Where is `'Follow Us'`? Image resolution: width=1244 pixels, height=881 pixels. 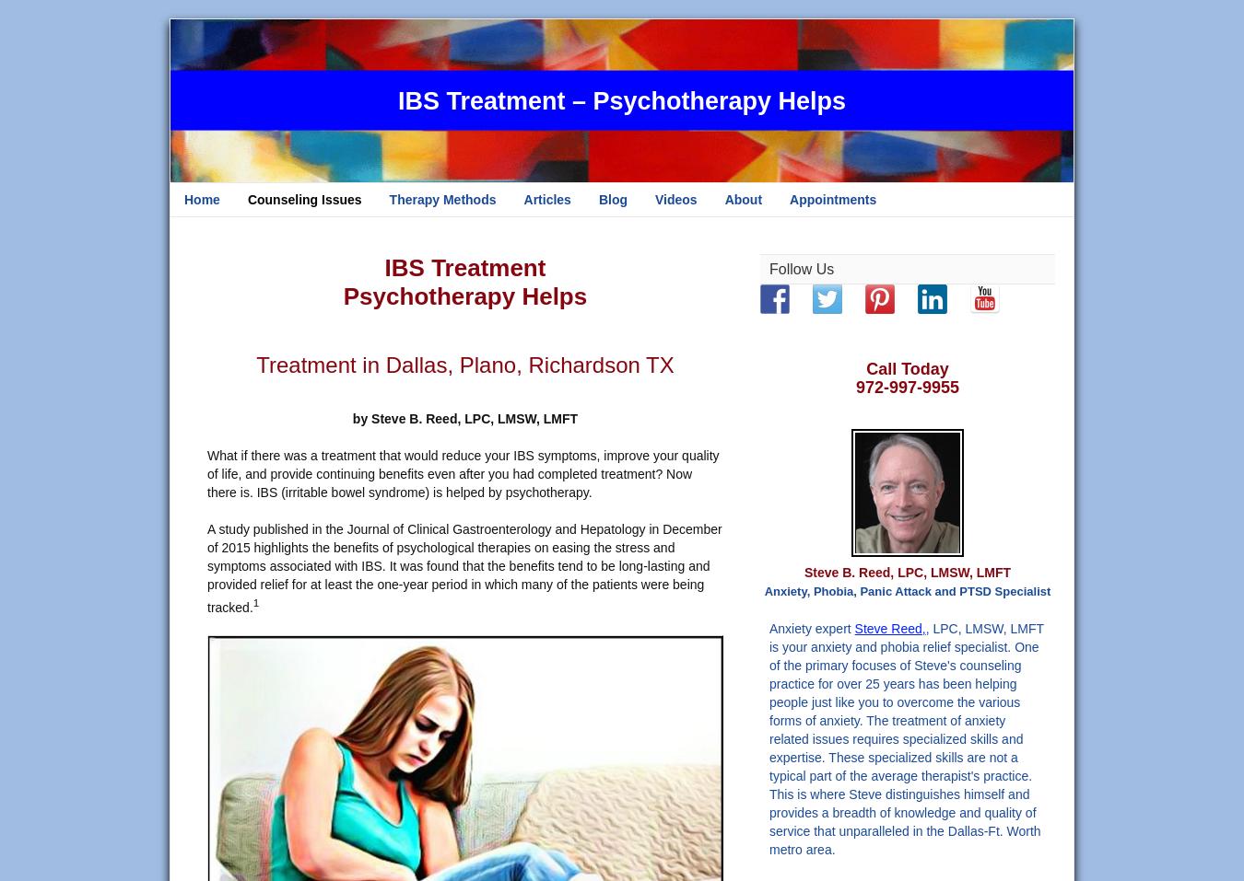
'Follow Us' is located at coordinates (801, 269).